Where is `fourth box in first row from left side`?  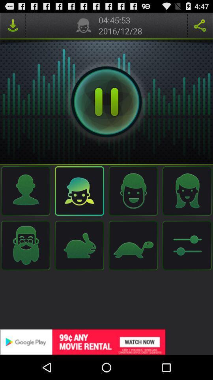 fourth box in first row from left side is located at coordinates (187, 190).